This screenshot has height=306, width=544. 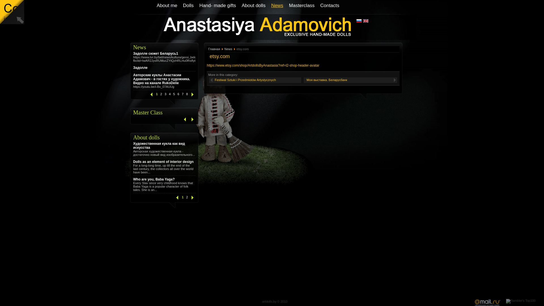 I want to click on 'Contacts', so click(x=330, y=5).